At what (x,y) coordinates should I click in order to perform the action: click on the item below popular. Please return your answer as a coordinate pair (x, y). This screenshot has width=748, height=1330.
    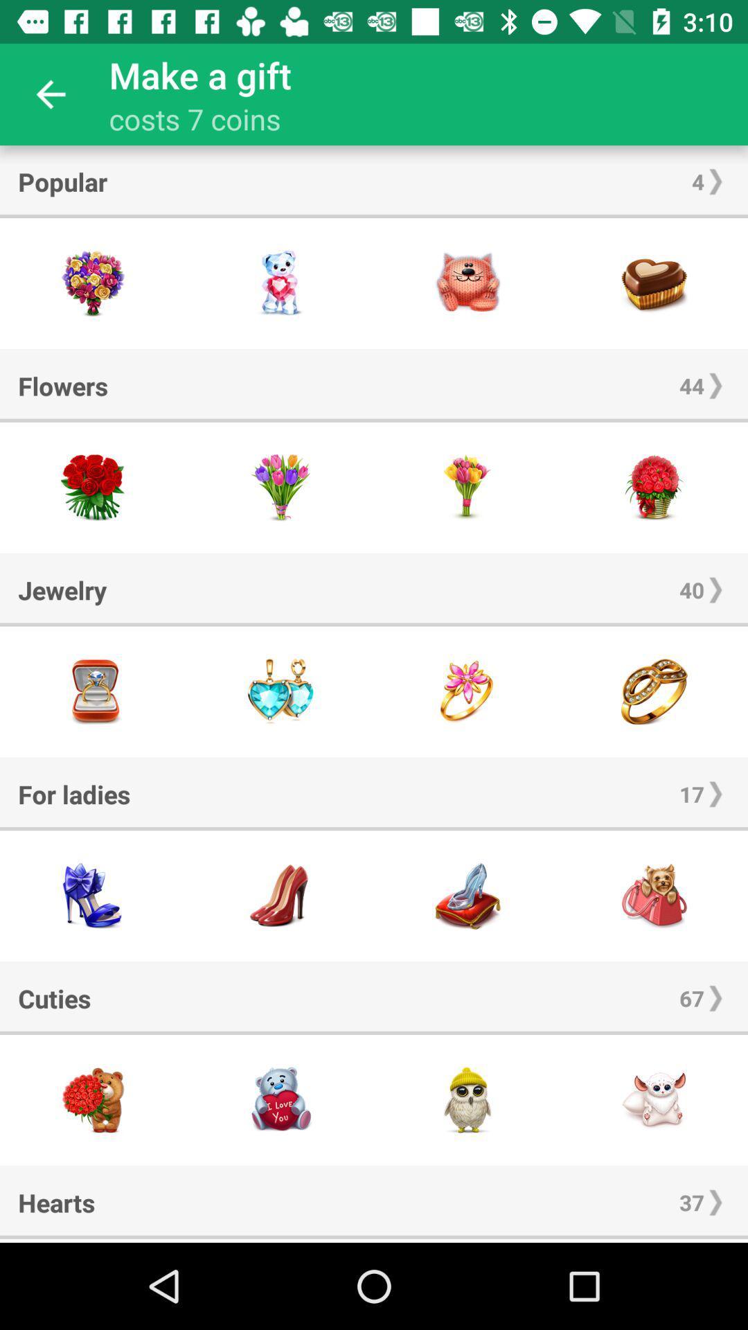
    Looking at the image, I should click on (374, 215).